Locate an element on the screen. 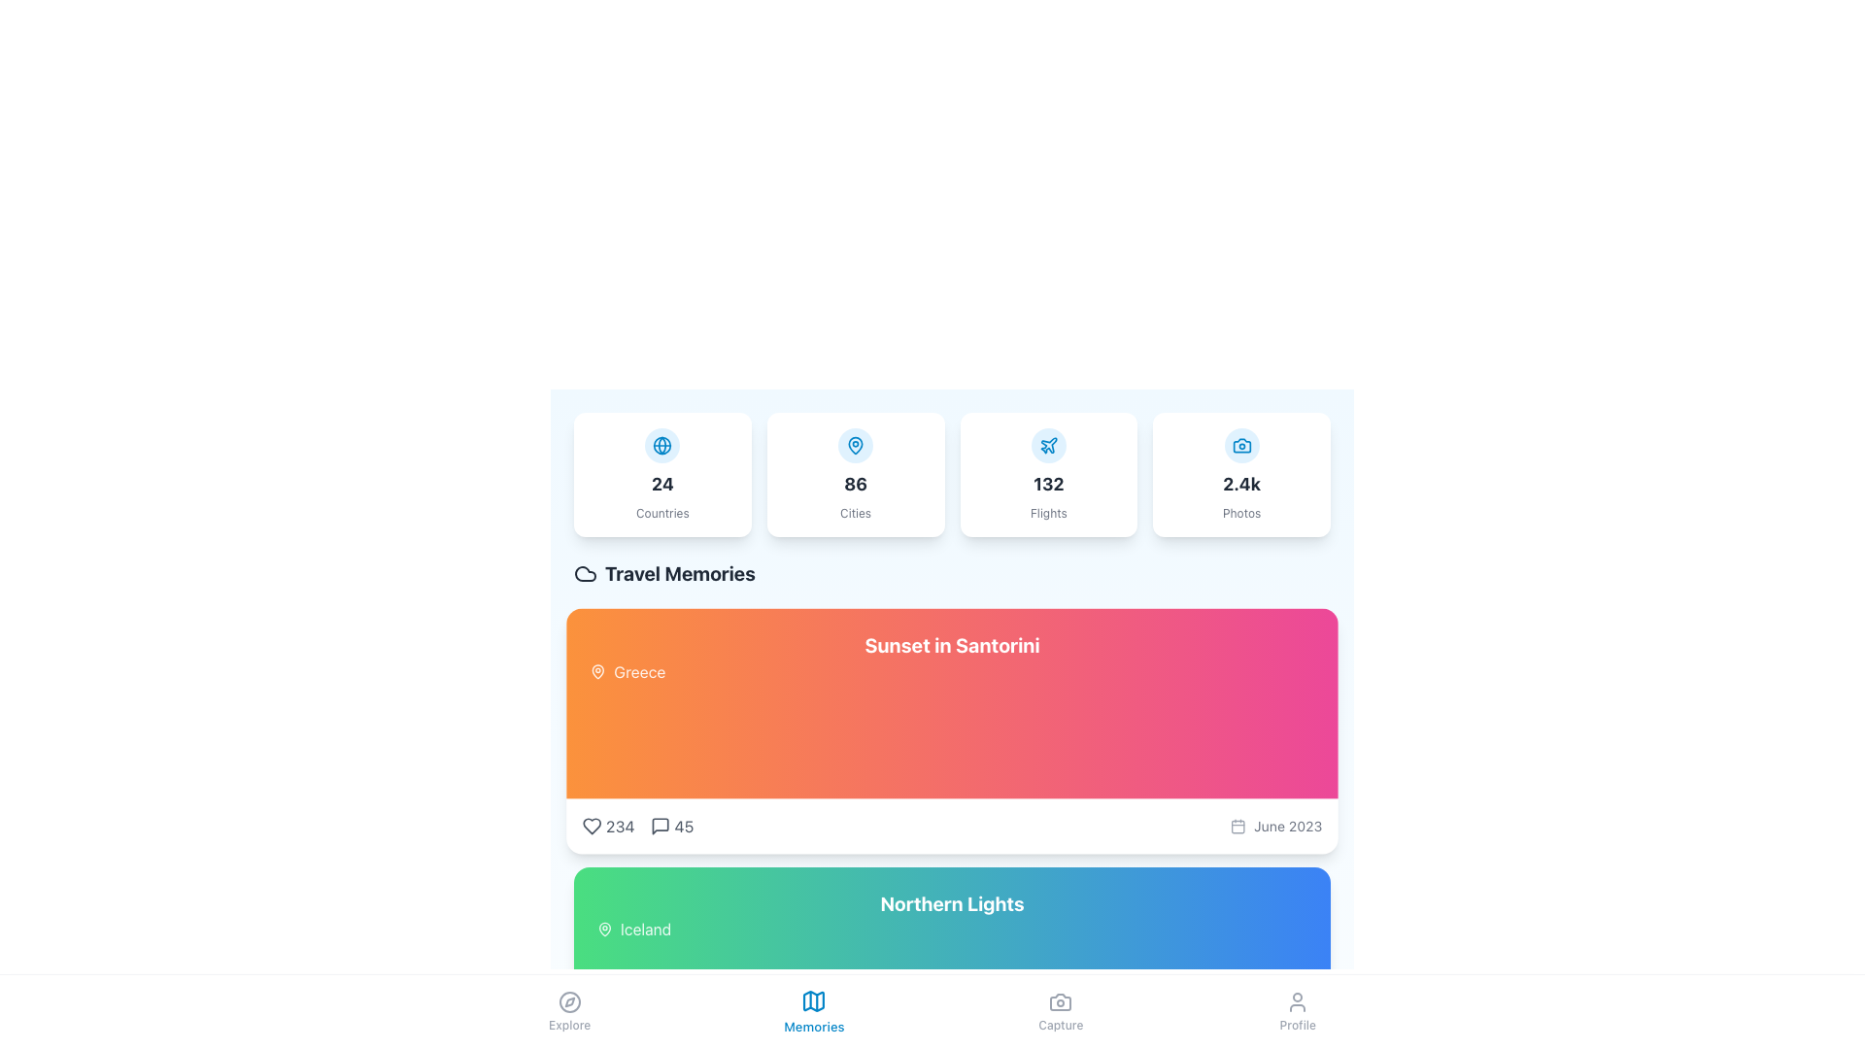 Image resolution: width=1865 pixels, height=1049 pixels. displayed information on the Statistical overview card that shows the number of photos, which is 2.4k, positioned in the fourth card of a horizontal grid row is located at coordinates (1240, 475).